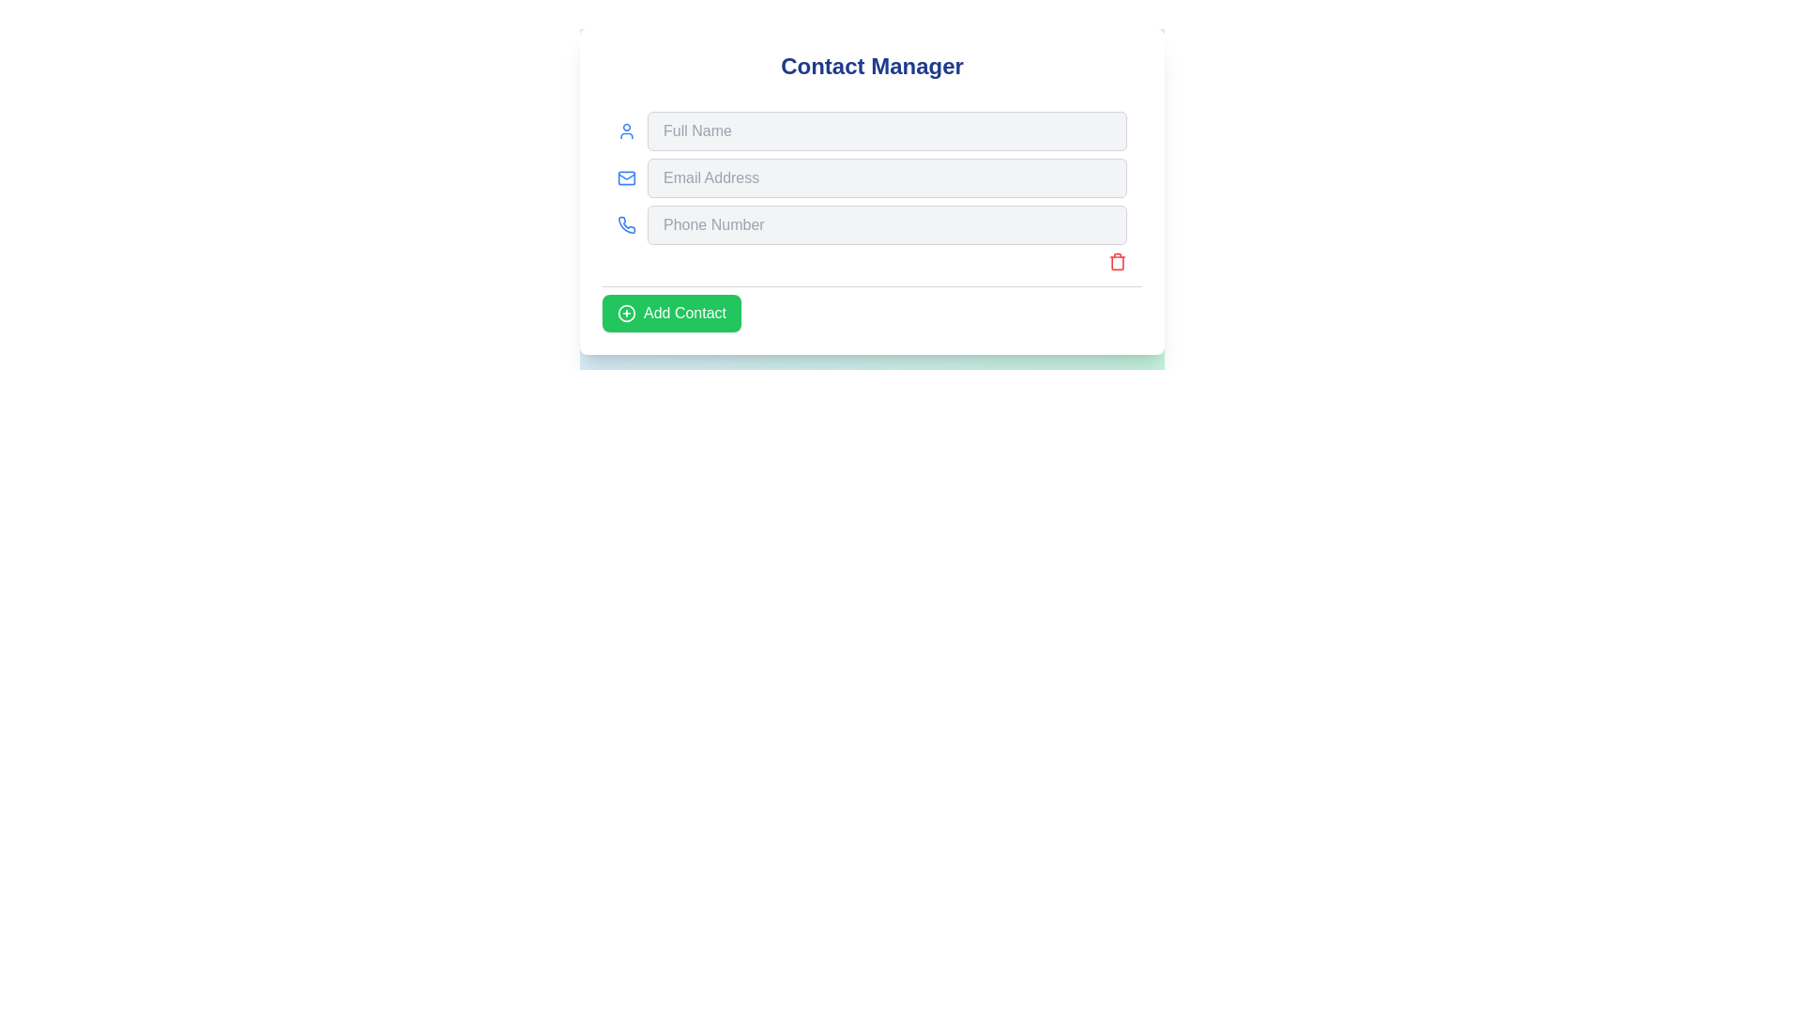  What do you see at coordinates (626, 223) in the screenshot?
I see `the phone number icon located to the left of the 'Full Name' input field, which visually indicates the purpose of the corresponding input field` at bounding box center [626, 223].